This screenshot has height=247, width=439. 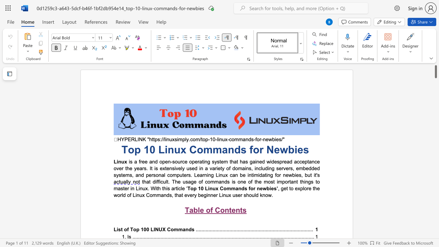 I want to click on the space between the continuous character "s" and ":" in the text, so click(x=159, y=139).